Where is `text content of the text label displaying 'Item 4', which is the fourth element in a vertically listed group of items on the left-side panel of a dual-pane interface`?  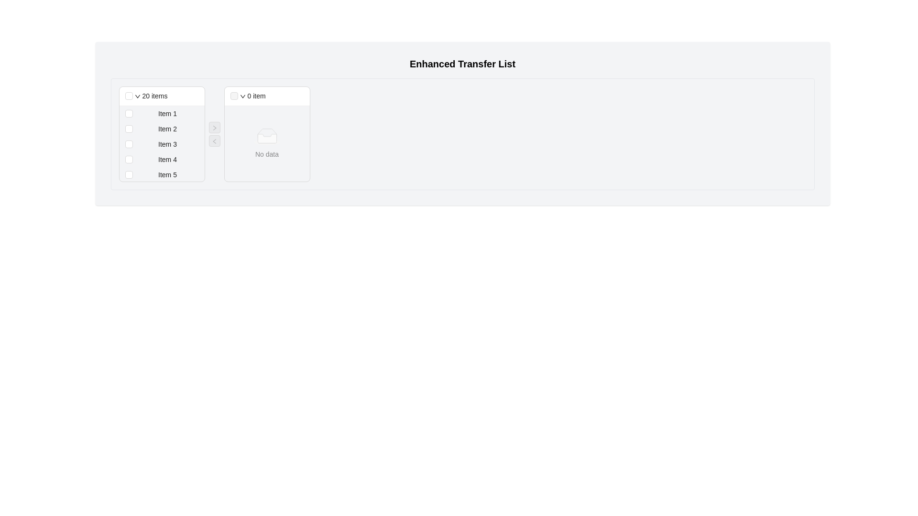
text content of the text label displaying 'Item 4', which is the fourth element in a vertically listed group of items on the left-side panel of a dual-pane interface is located at coordinates (167, 159).